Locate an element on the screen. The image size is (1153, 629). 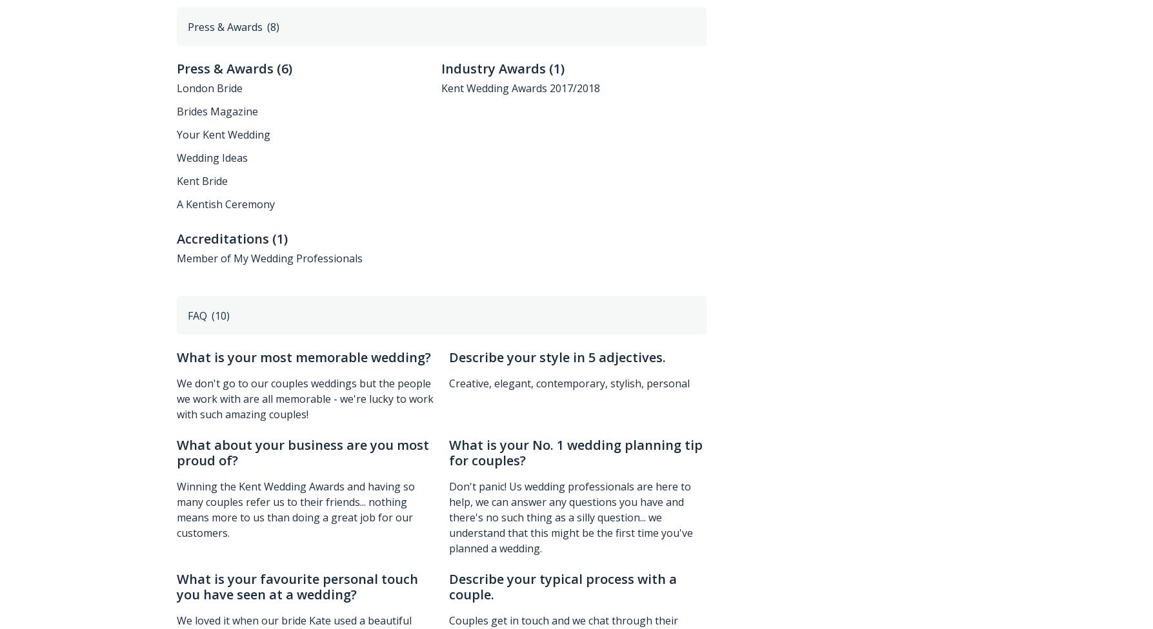
'Member of My Wedding Professionals' is located at coordinates (269, 258).